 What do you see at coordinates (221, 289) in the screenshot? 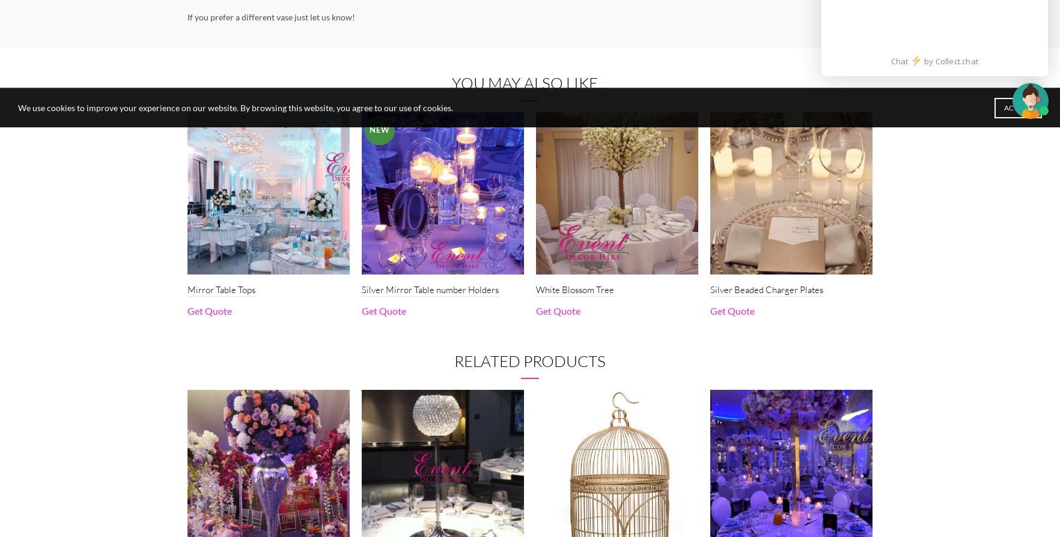
I see `'Mirror Table Tops'` at bounding box center [221, 289].